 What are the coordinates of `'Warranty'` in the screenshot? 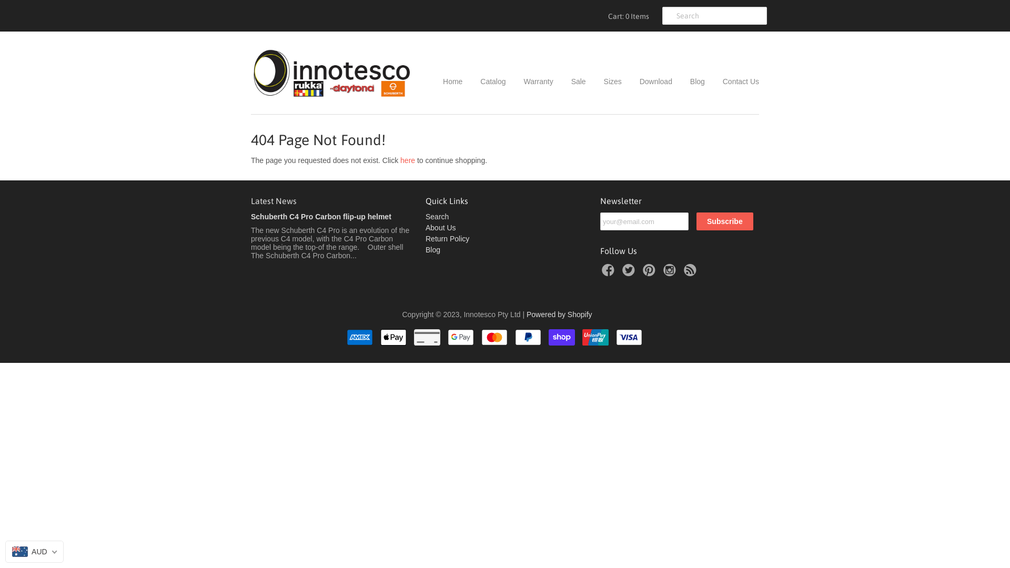 It's located at (530, 80).